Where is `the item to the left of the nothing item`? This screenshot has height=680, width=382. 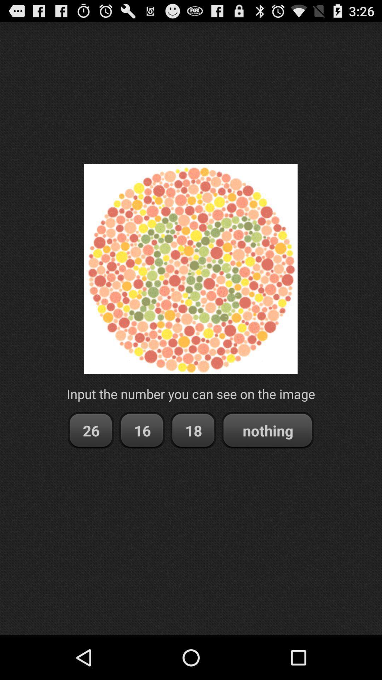
the item to the left of the nothing item is located at coordinates (193, 430).